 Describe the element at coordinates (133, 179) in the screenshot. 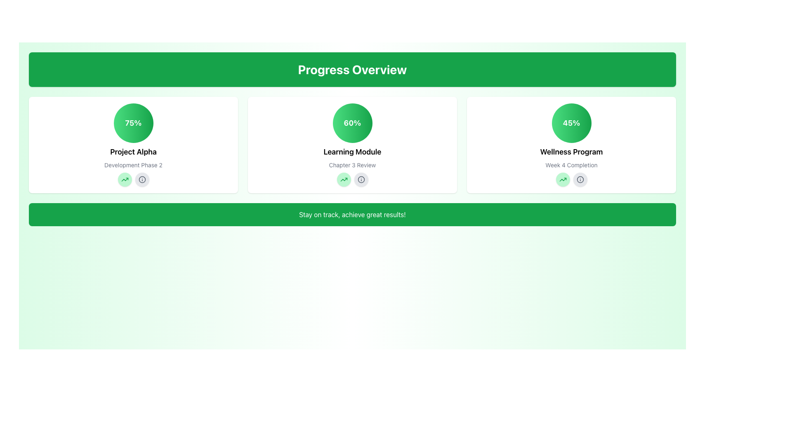

I see `the grey info button located` at that location.